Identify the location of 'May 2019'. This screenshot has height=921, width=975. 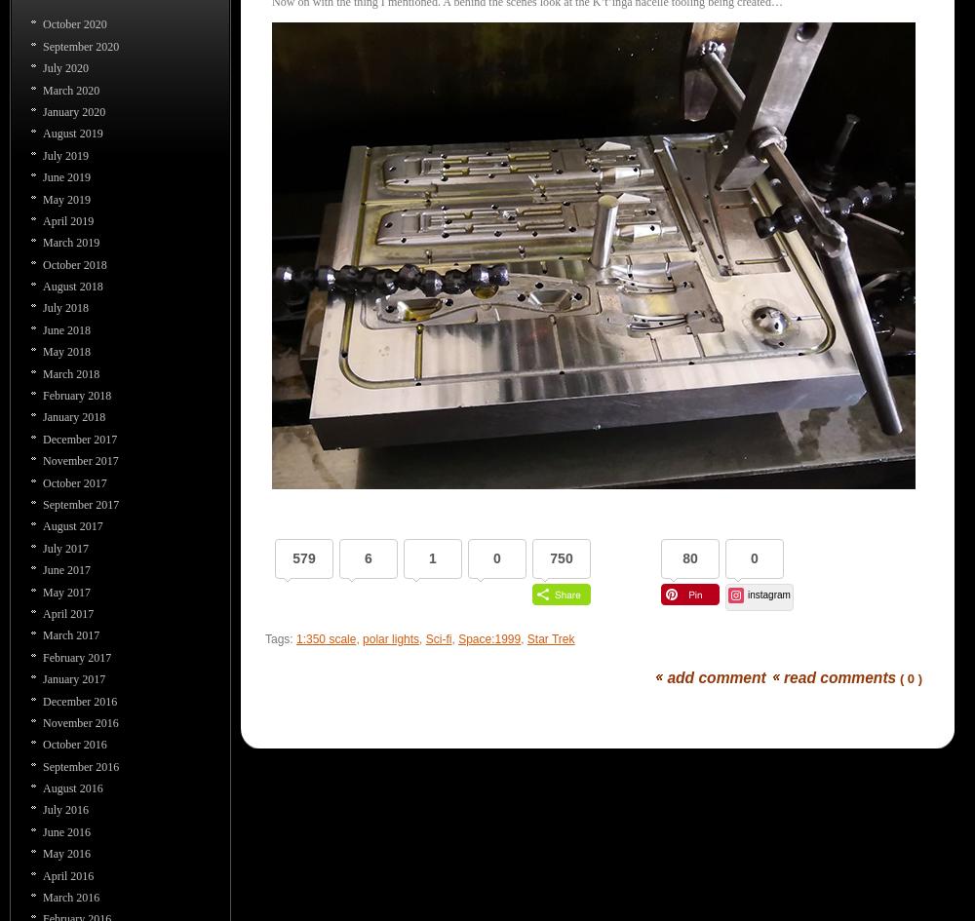
(43, 198).